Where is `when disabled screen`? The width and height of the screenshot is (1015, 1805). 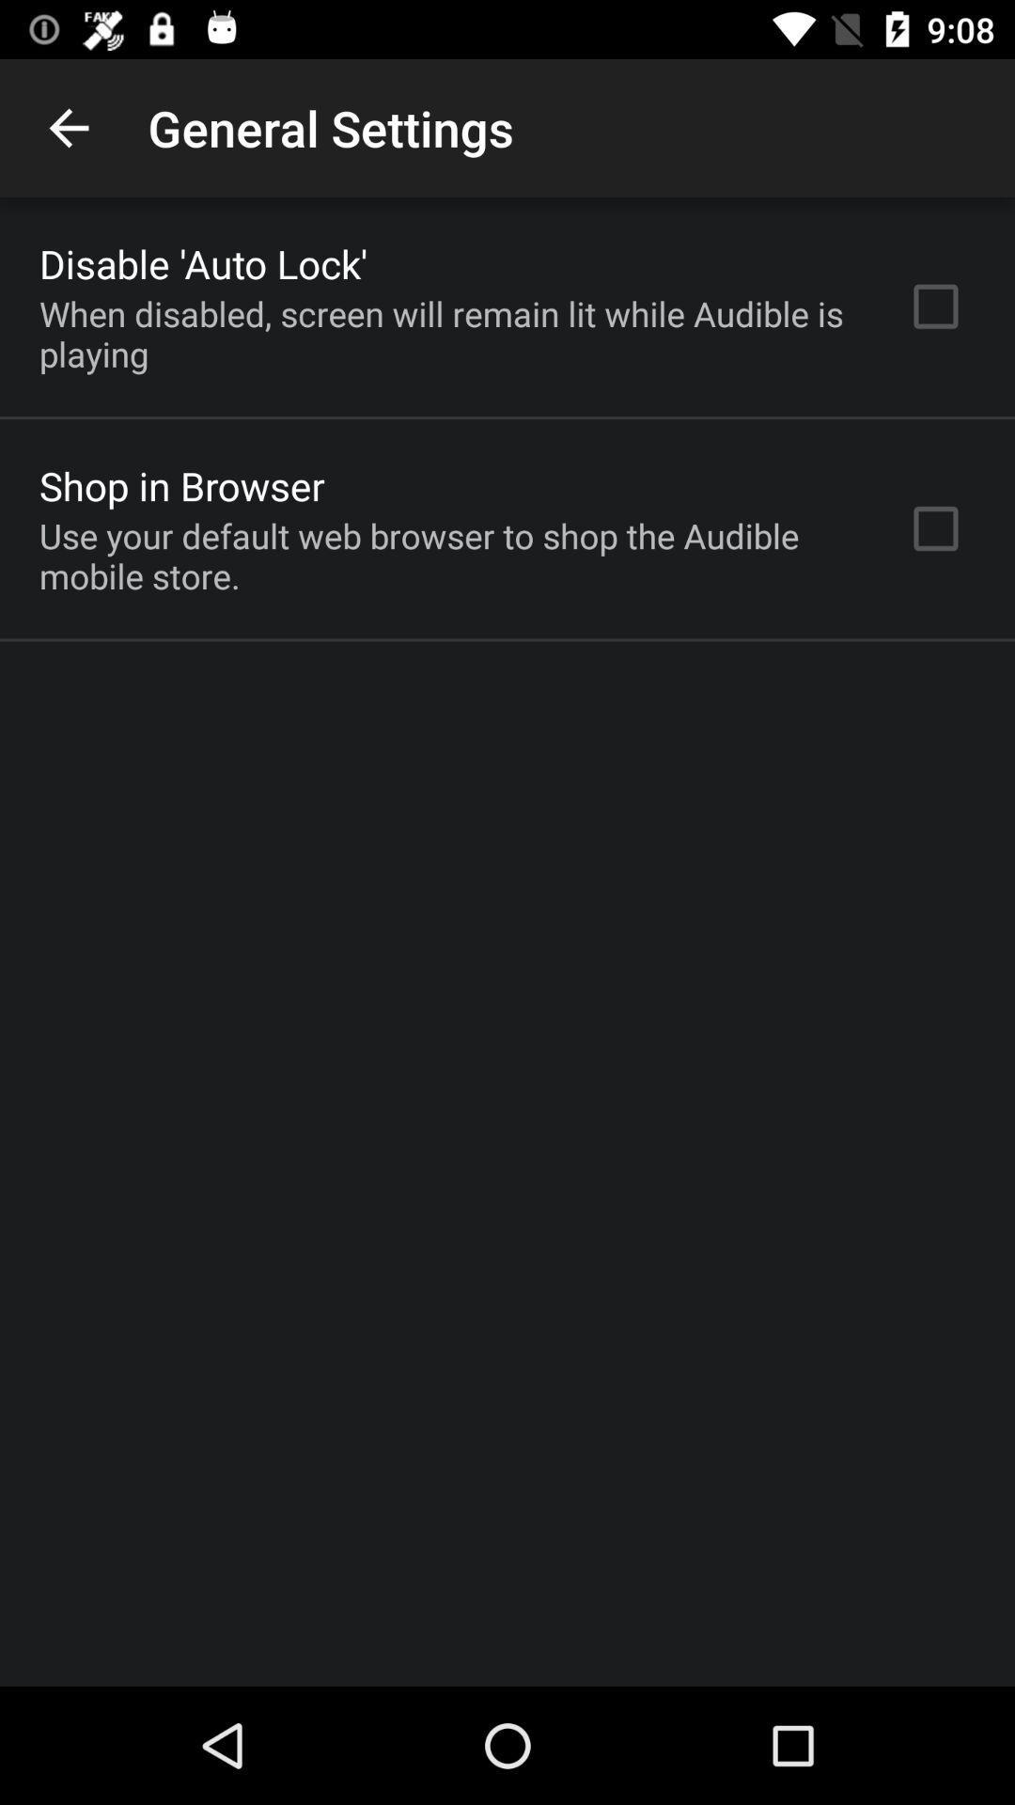
when disabled screen is located at coordinates (448, 334).